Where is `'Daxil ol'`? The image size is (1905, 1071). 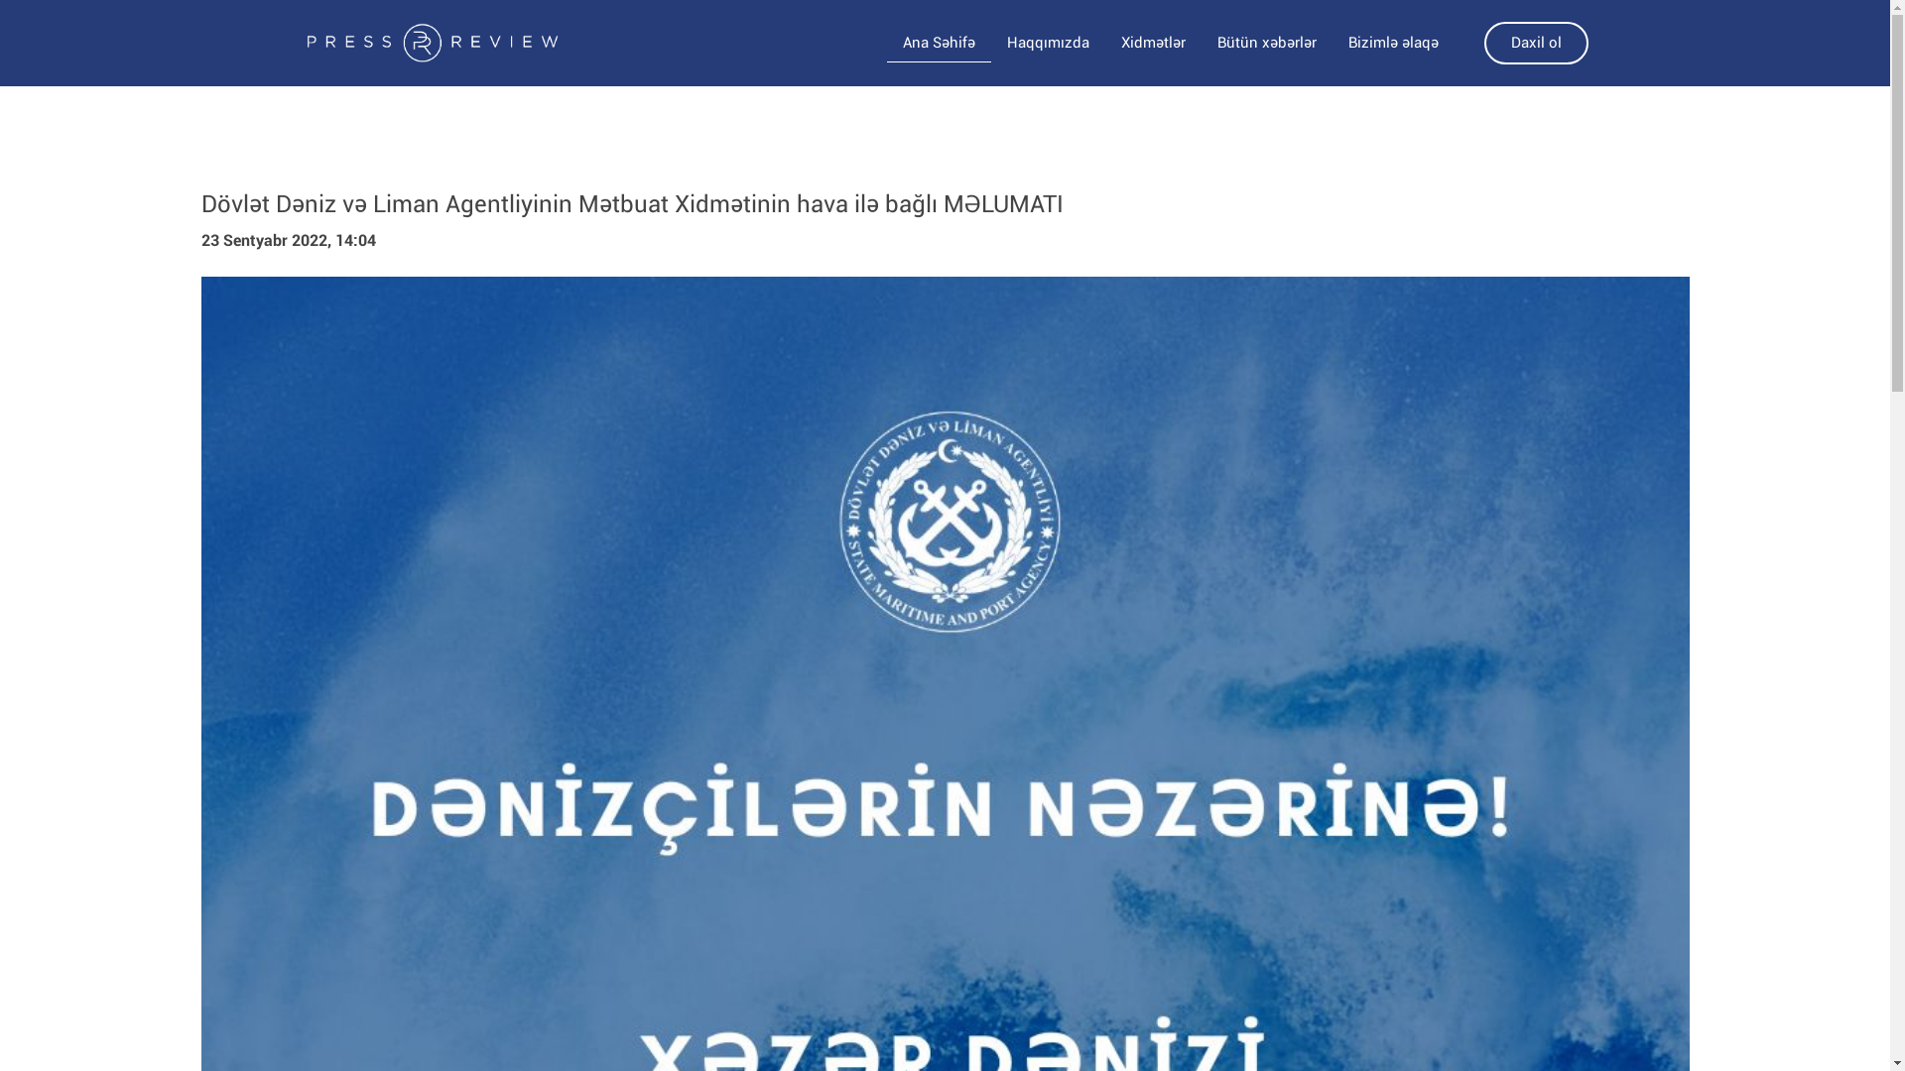 'Daxil ol' is located at coordinates (1484, 43).